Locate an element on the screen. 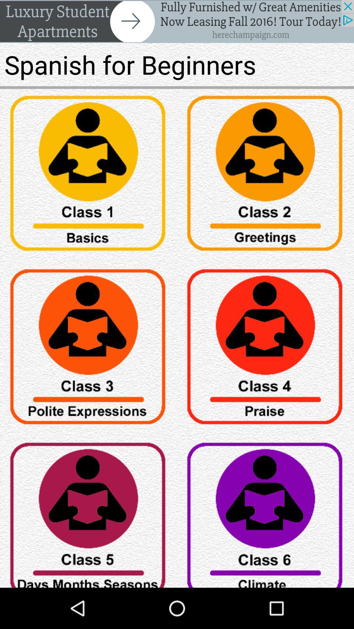 The width and height of the screenshot is (354, 629). opens that part of the lesson is located at coordinates (265, 349).